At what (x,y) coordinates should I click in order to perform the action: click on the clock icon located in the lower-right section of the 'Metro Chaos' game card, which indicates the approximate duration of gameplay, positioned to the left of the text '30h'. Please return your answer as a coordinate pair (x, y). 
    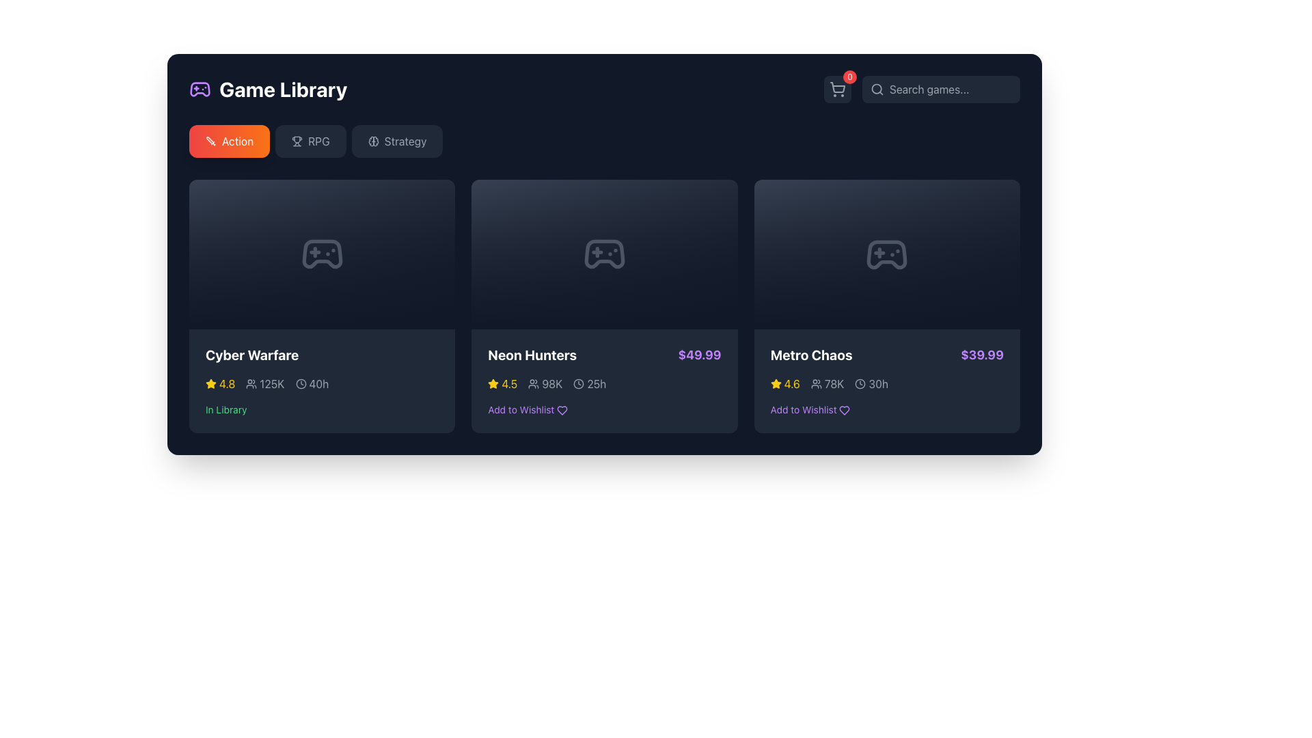
    Looking at the image, I should click on (860, 384).